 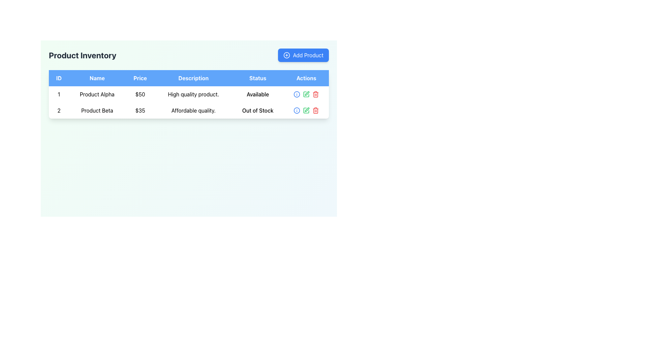 What do you see at coordinates (59, 94) in the screenshot?
I see `the Label displaying the number '1' located in the first row of the table under the 'ID' column` at bounding box center [59, 94].